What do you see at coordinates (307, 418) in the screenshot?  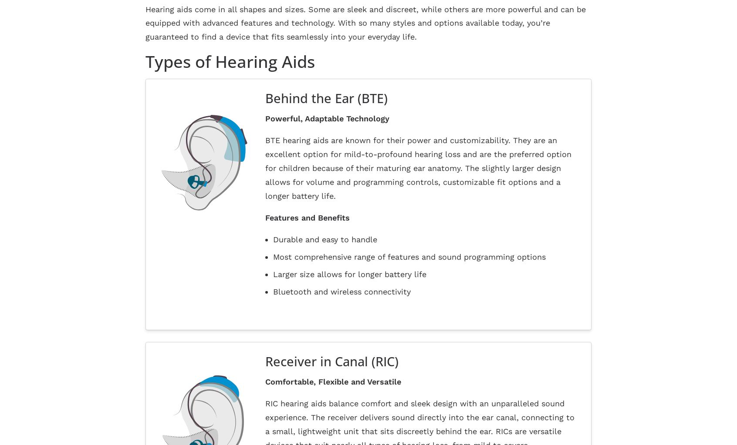 I see `'Site Designed by'` at bounding box center [307, 418].